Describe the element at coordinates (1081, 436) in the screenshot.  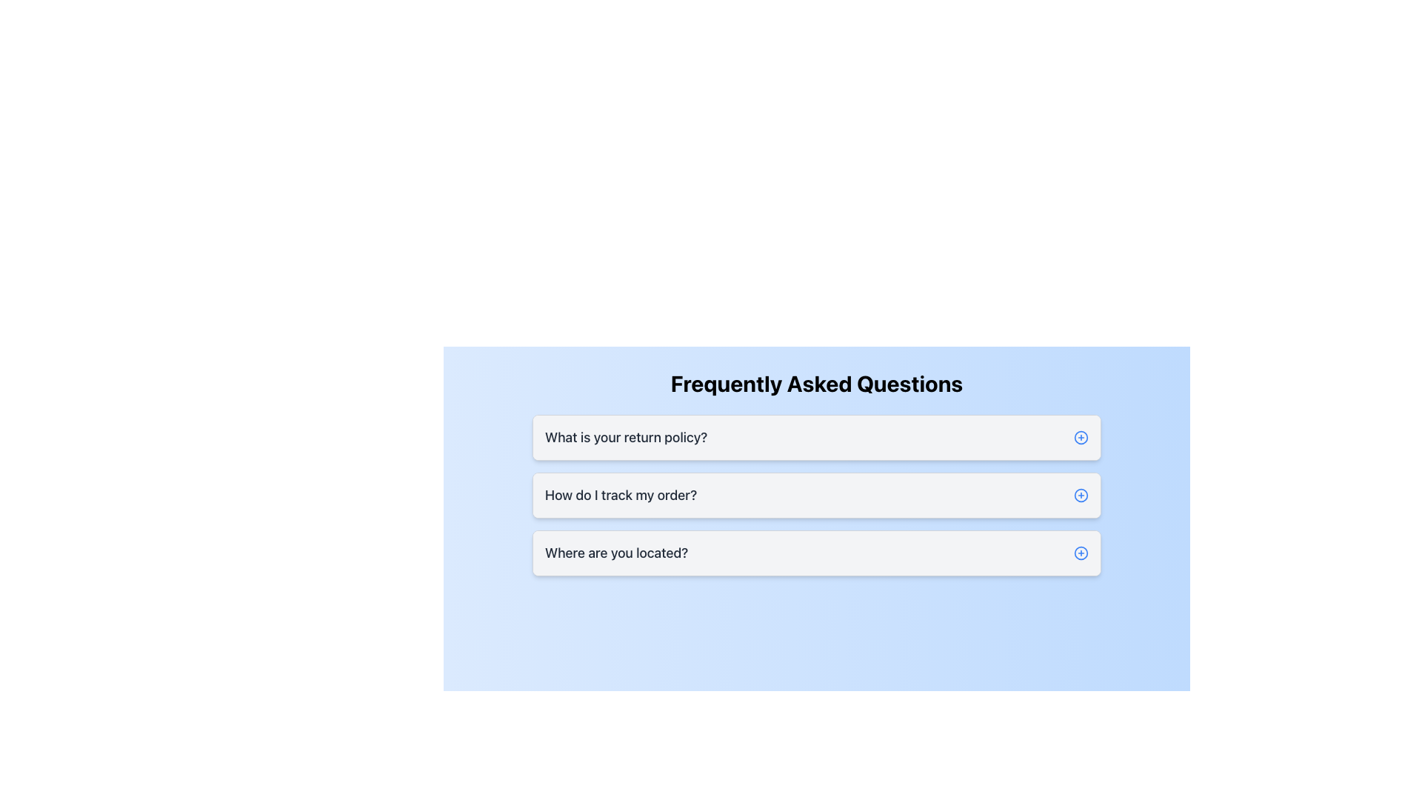
I see `the Circular icon element, which is the central component of an icon with a plus-shaped design located on the right side of the top FAQ item` at that location.